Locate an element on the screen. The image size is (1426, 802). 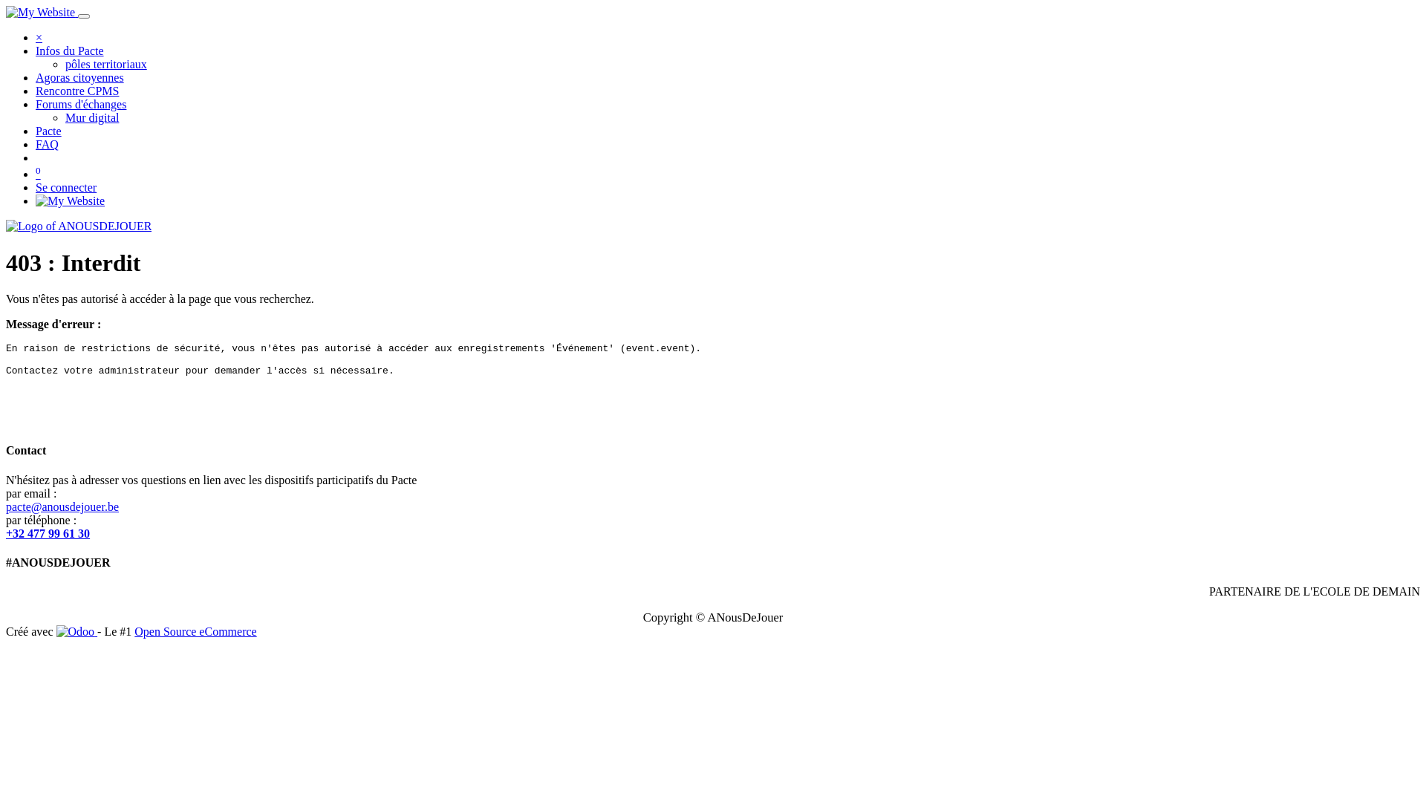
'Pacte' is located at coordinates (36, 130).